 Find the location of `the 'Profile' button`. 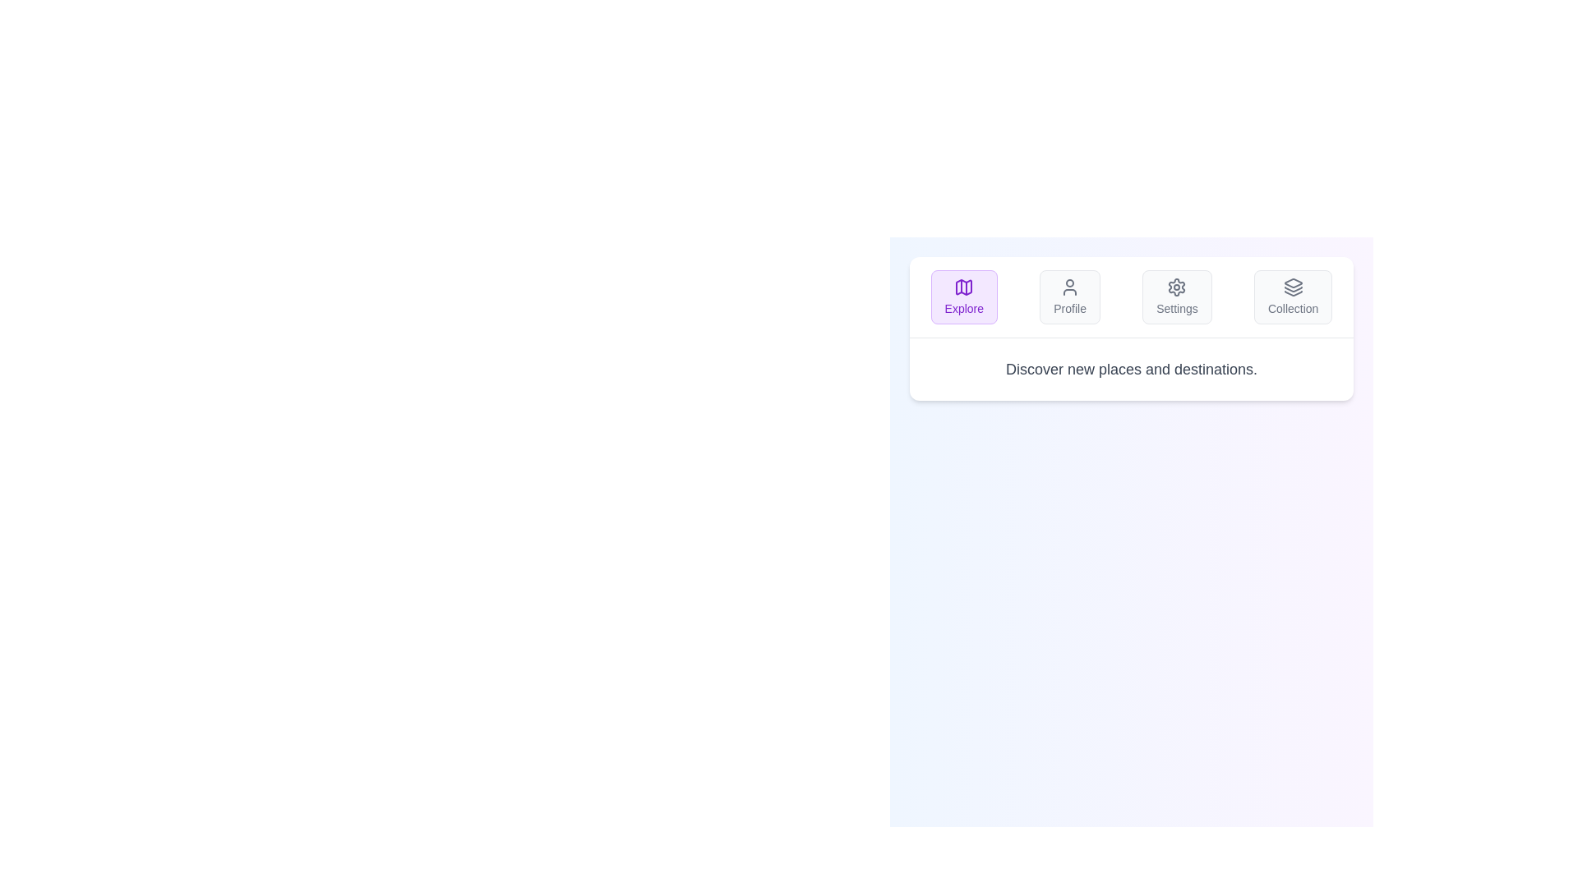

the 'Profile' button is located at coordinates (1070, 297).